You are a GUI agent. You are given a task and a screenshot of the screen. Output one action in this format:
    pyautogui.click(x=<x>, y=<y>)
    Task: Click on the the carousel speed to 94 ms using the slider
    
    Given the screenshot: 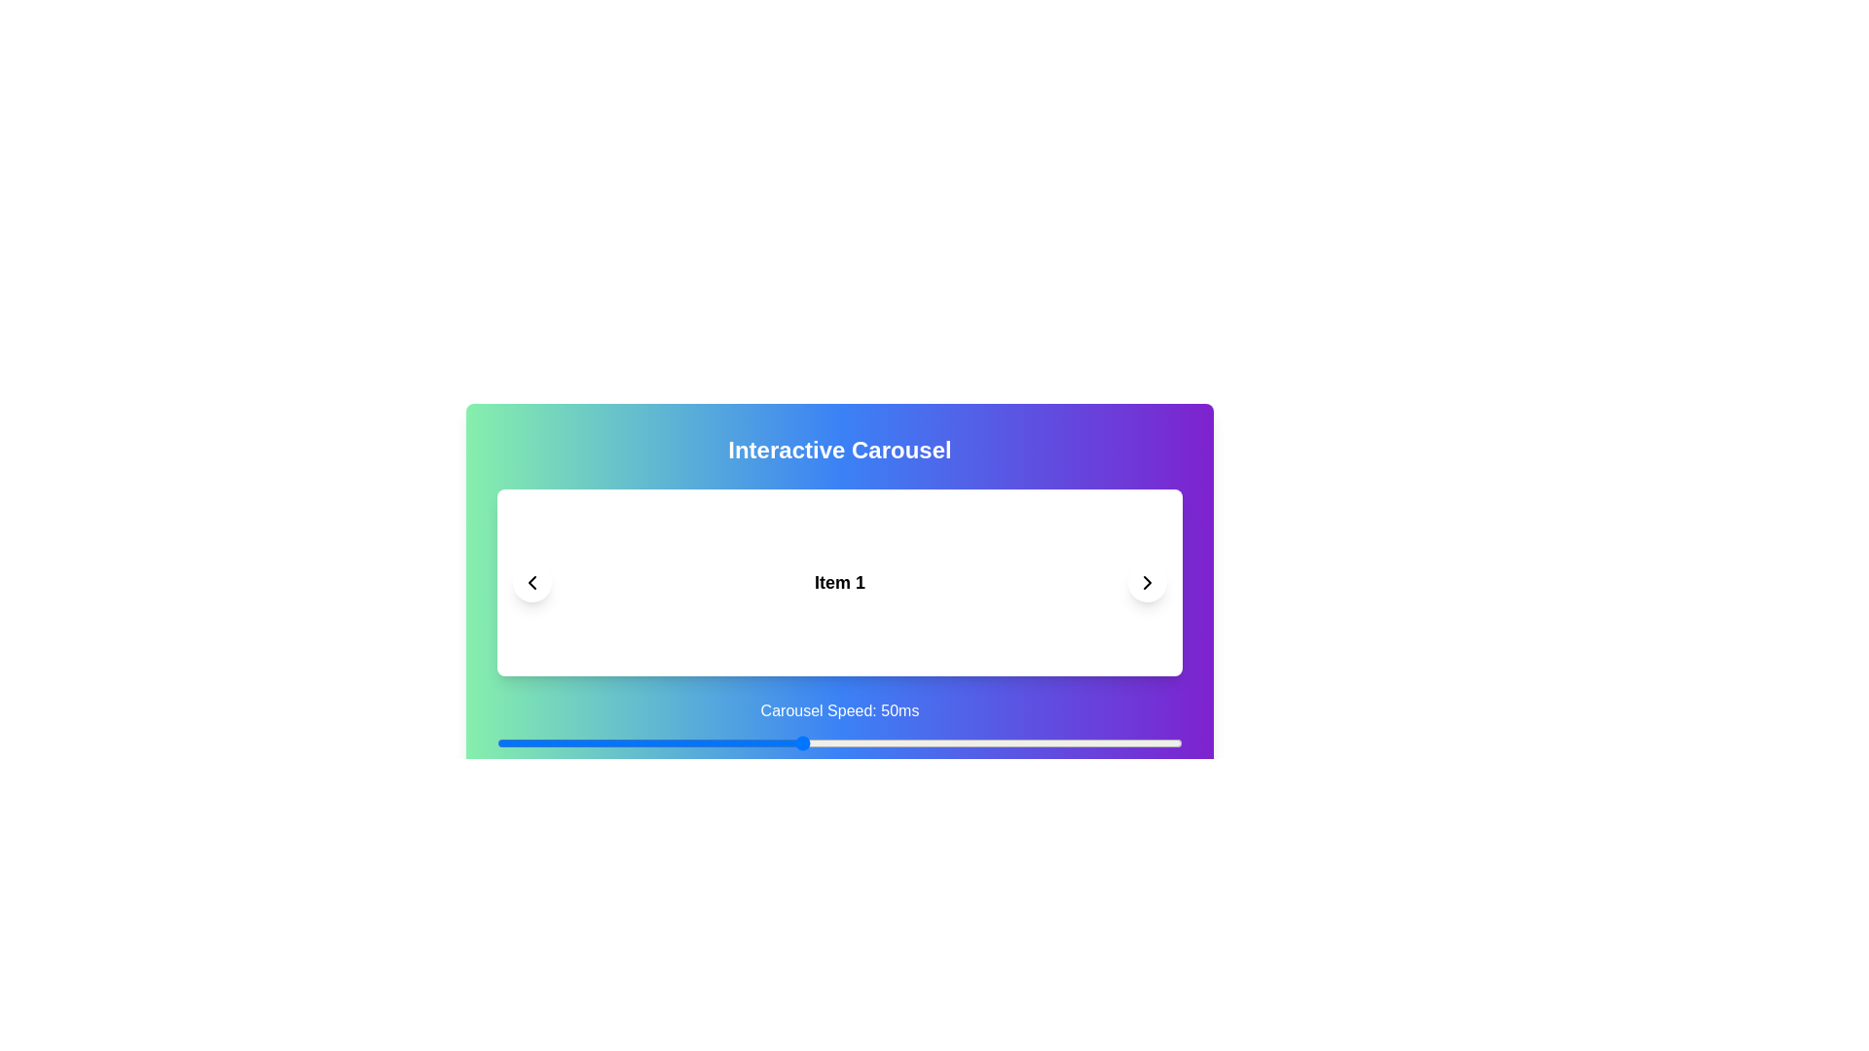 What is the action you would take?
    pyautogui.click(x=1137, y=743)
    